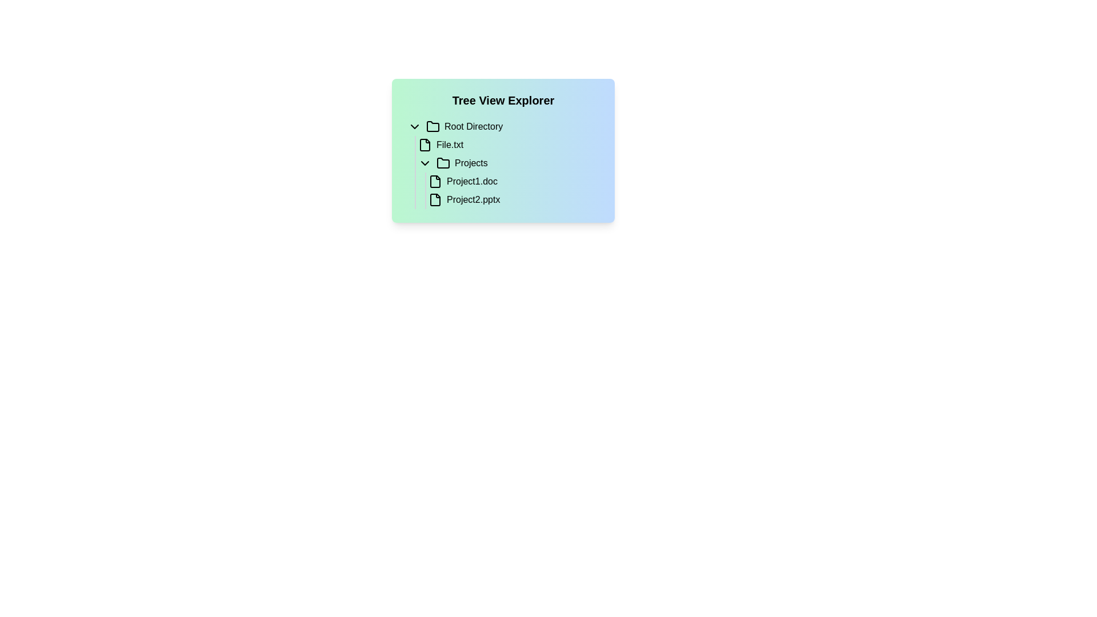  I want to click on the list item 'Project1.doc' in the tree view structure, so click(507, 181).